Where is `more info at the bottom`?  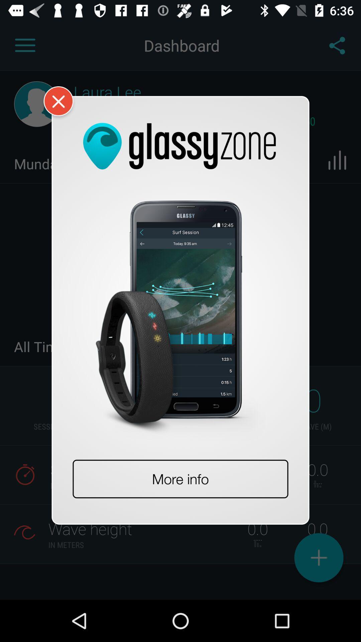 more info at the bottom is located at coordinates (180, 478).